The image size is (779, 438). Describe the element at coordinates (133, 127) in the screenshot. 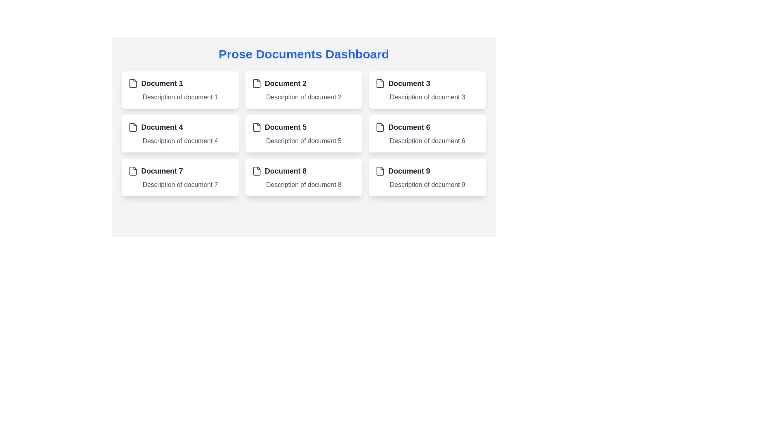

I see `the Icon representing a file or document located in the second row, first column, to the left of the label 'Document 4'` at that location.